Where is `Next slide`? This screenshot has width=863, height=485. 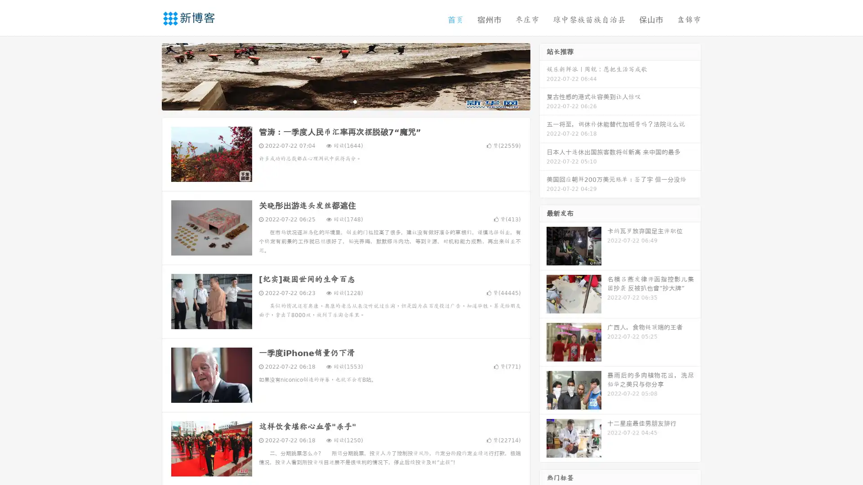 Next slide is located at coordinates (543, 75).